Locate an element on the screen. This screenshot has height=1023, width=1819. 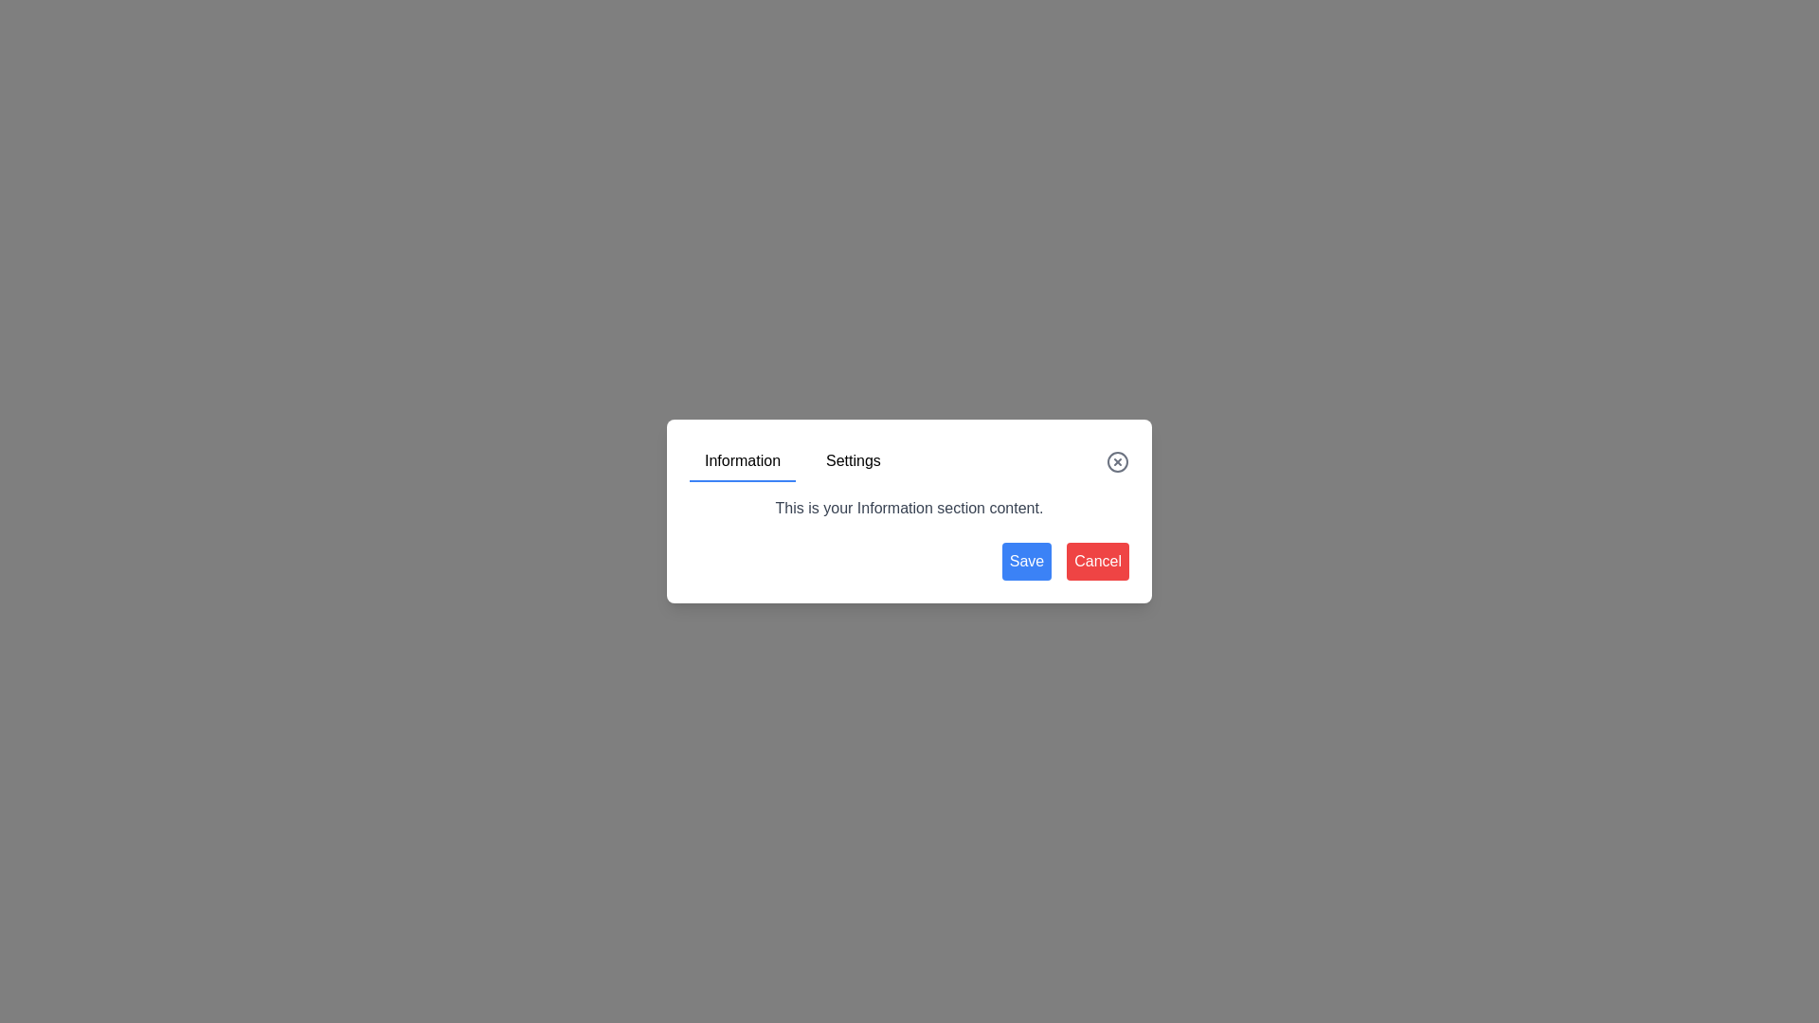
the decorative circle element in the top-right corner of the modal window that indicates a close action is located at coordinates (1118, 462).